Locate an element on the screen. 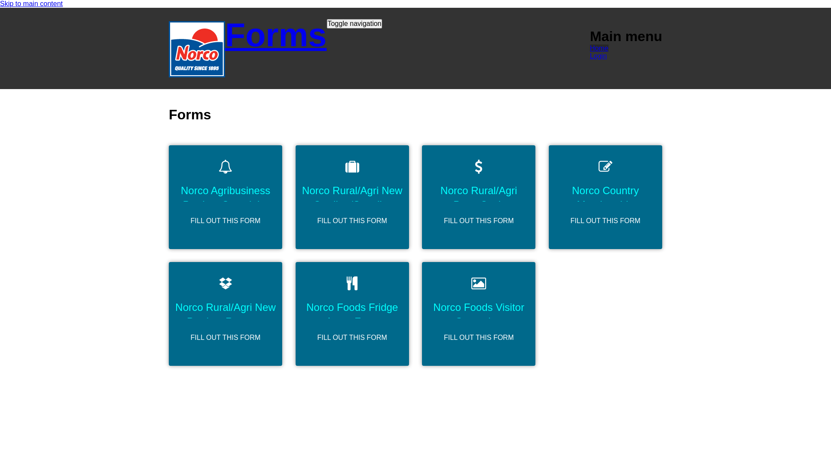  'Forms' is located at coordinates (275, 34).